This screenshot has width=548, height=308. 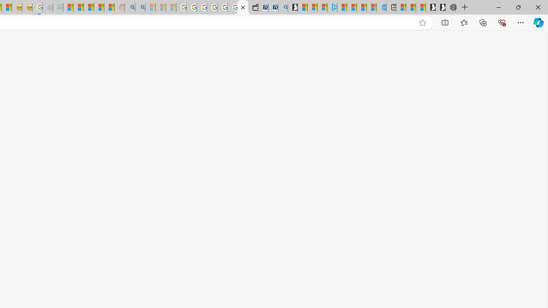 What do you see at coordinates (99, 7) in the screenshot?
I see `'Student Loan Update: Forgiveness Program Ends This Month'` at bounding box center [99, 7].